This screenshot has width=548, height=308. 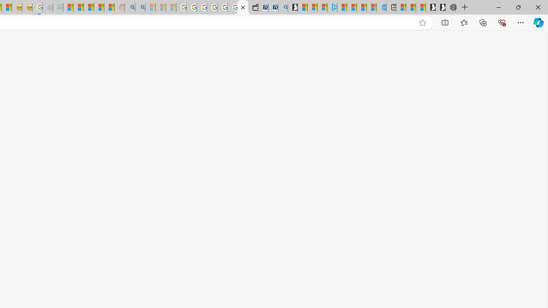 What do you see at coordinates (99, 7) in the screenshot?
I see `'Student Loan Update: Forgiveness Program Ends This Month'` at bounding box center [99, 7].